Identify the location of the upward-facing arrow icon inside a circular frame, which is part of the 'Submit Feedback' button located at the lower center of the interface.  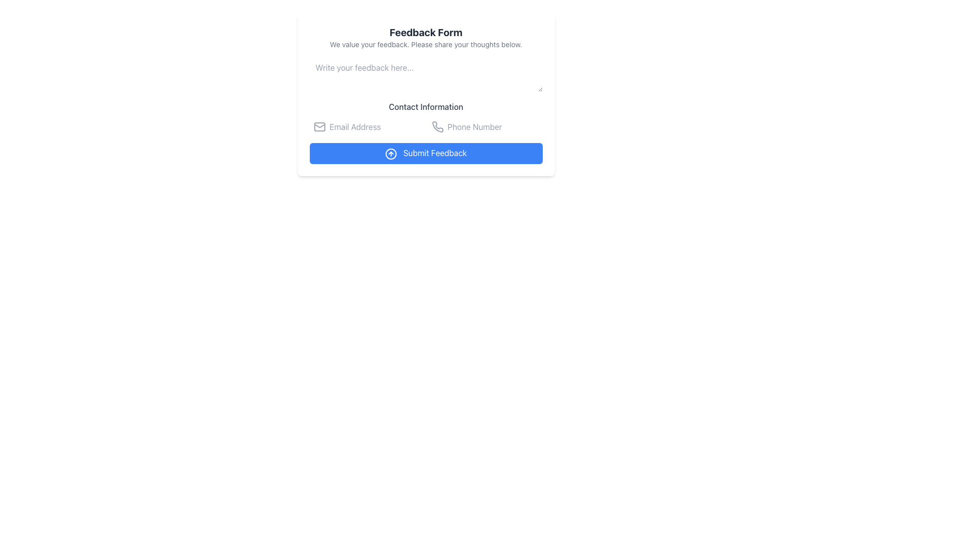
(391, 154).